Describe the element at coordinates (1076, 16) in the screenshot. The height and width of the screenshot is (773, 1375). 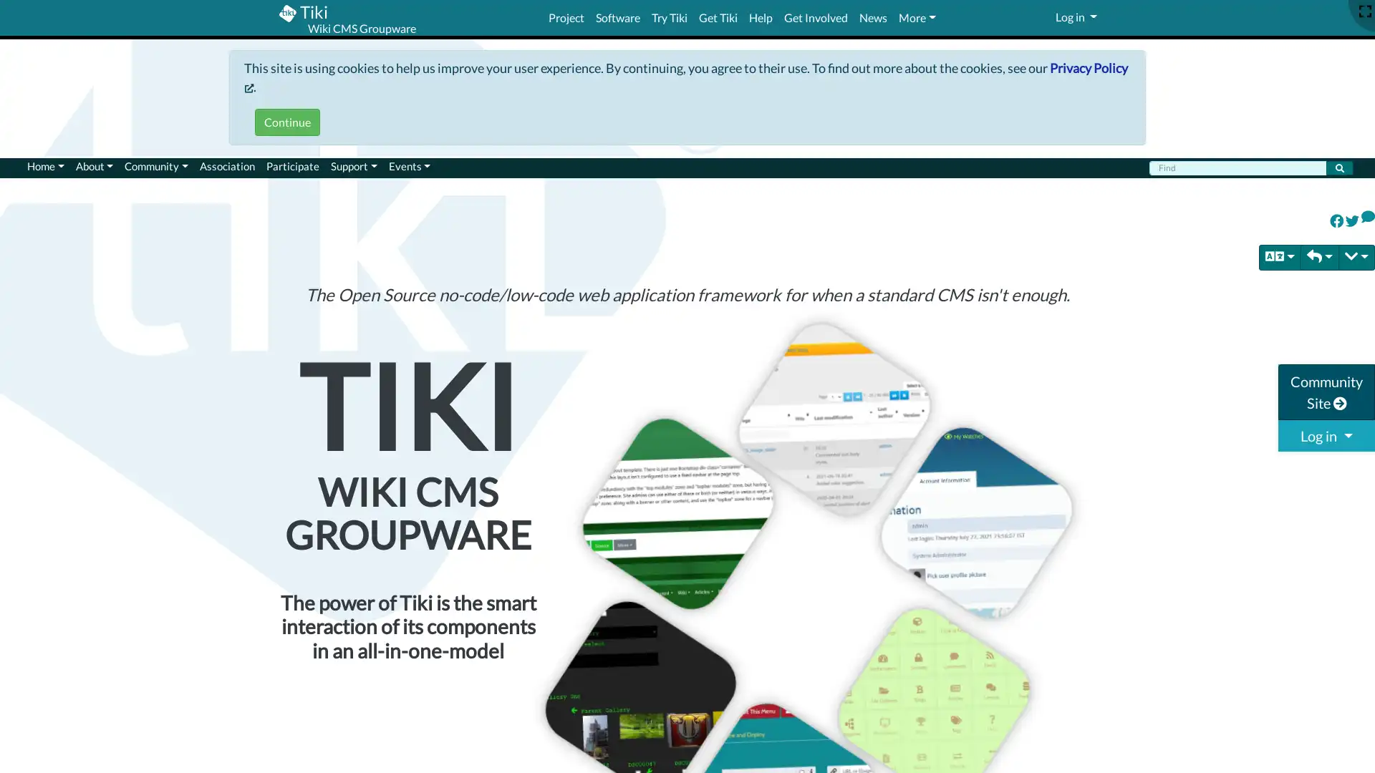
I see `Log in` at that location.